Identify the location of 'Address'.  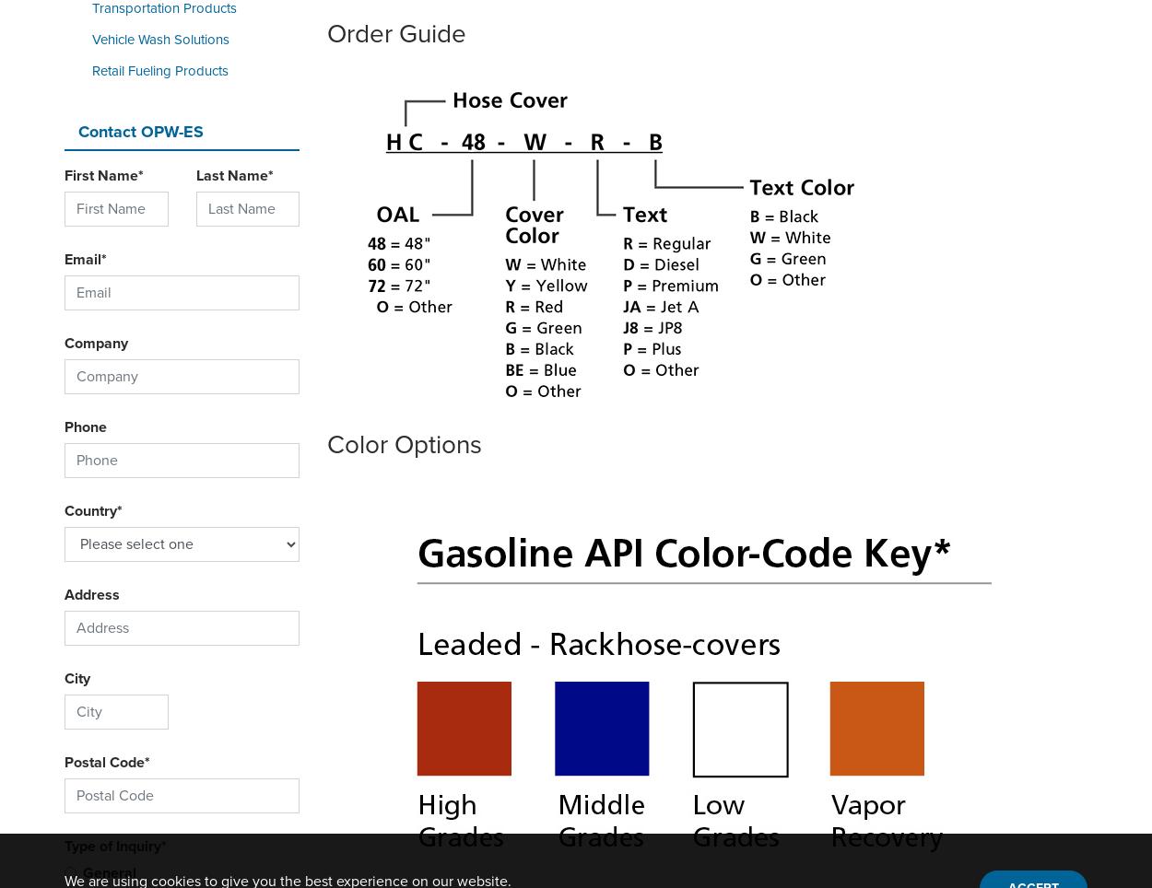
(91, 593).